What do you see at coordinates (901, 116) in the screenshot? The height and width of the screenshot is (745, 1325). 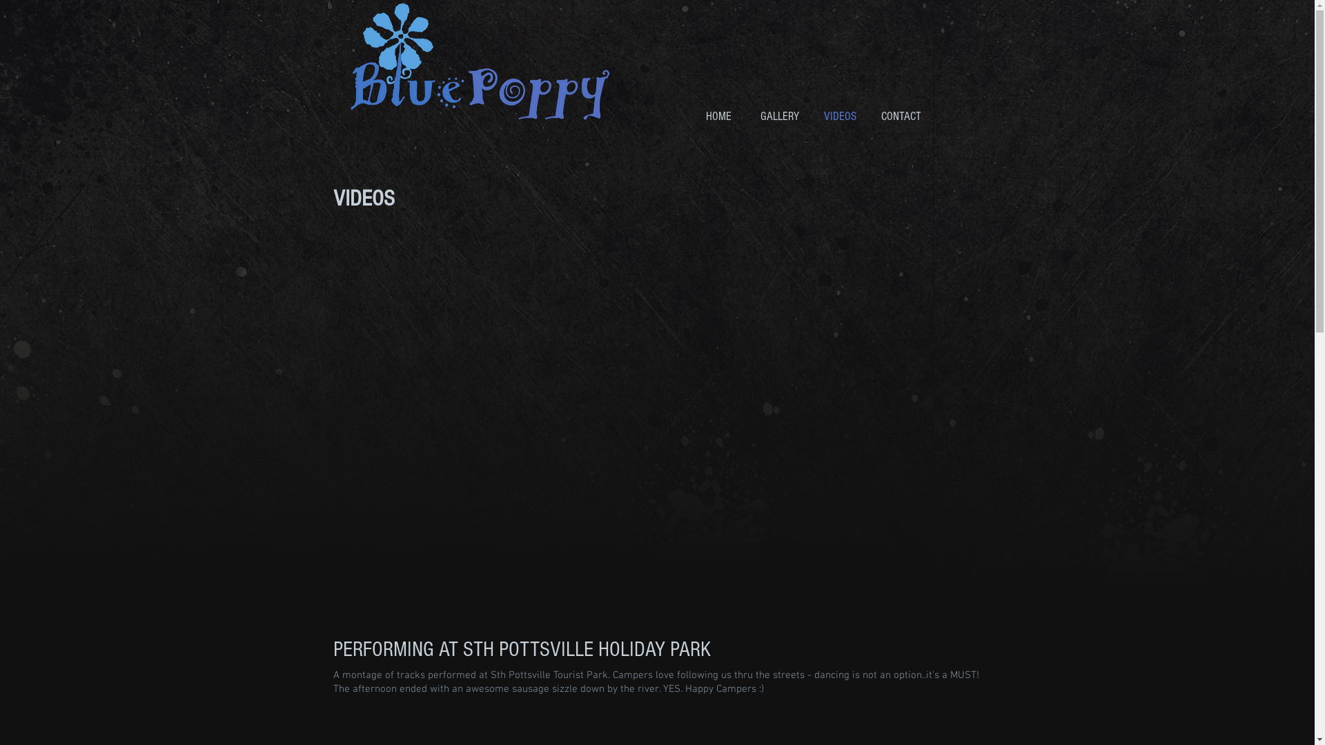 I see `'CONTACT'` at bounding box center [901, 116].